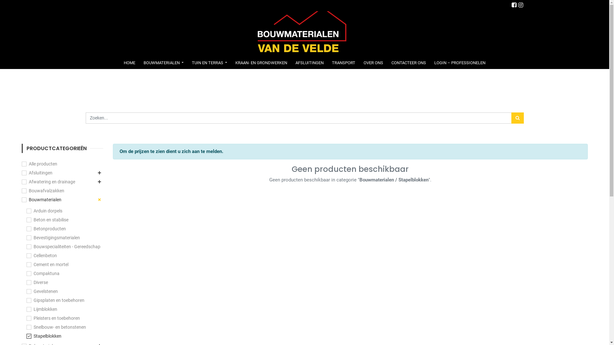 This screenshot has width=614, height=345. I want to click on 'Cellenbeton', so click(26, 255).